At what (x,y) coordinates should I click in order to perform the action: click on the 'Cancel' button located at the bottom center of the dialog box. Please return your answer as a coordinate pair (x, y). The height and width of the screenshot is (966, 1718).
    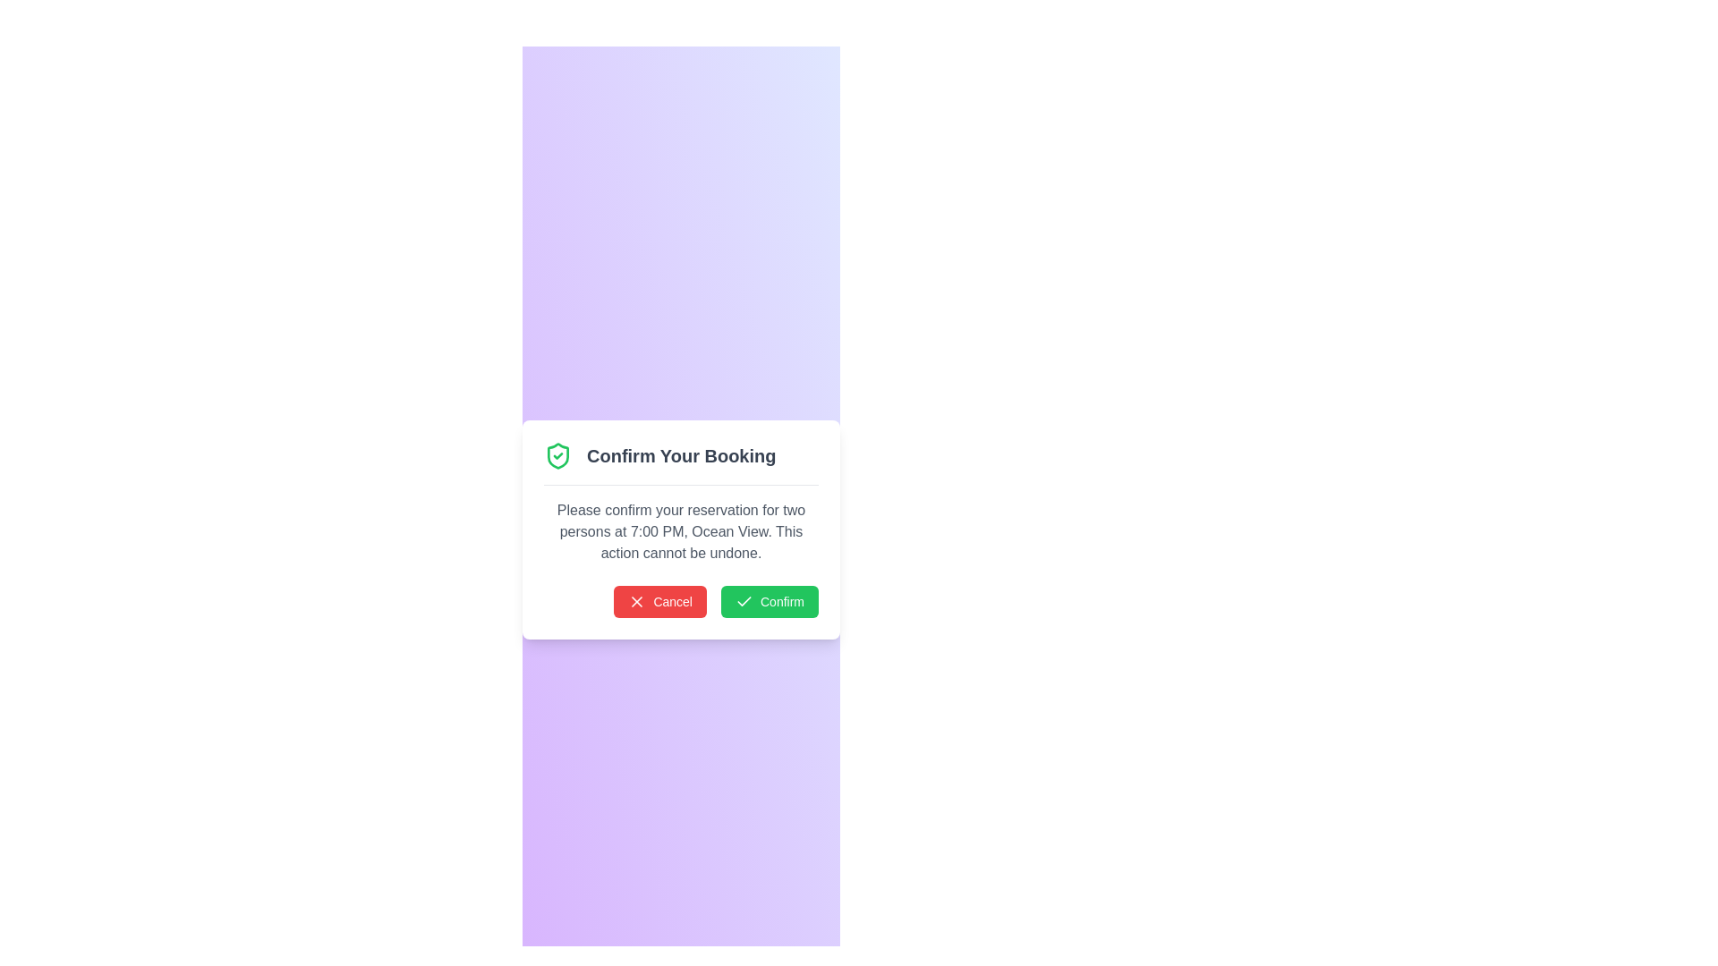
    Looking at the image, I should click on (672, 601).